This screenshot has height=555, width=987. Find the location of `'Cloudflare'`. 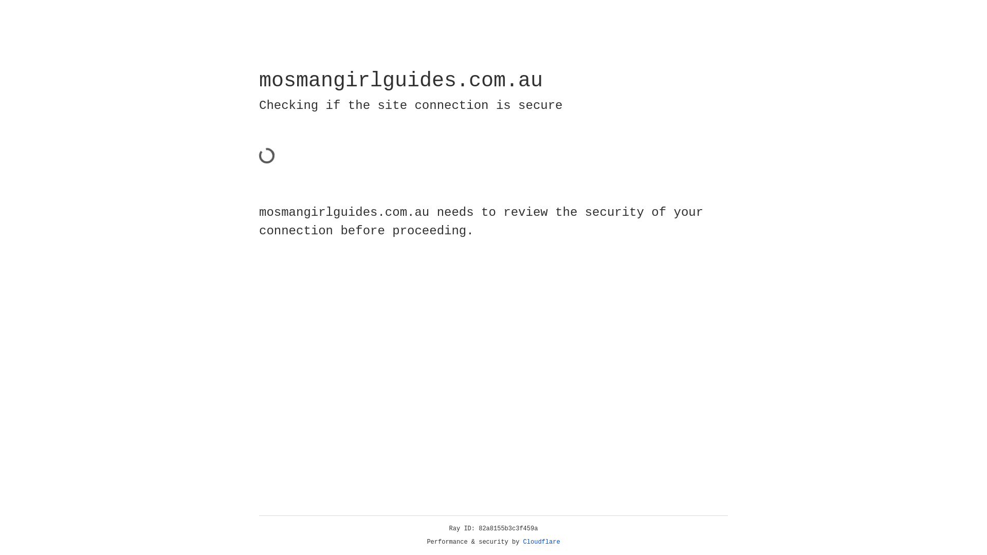

'Cloudflare' is located at coordinates (541, 542).